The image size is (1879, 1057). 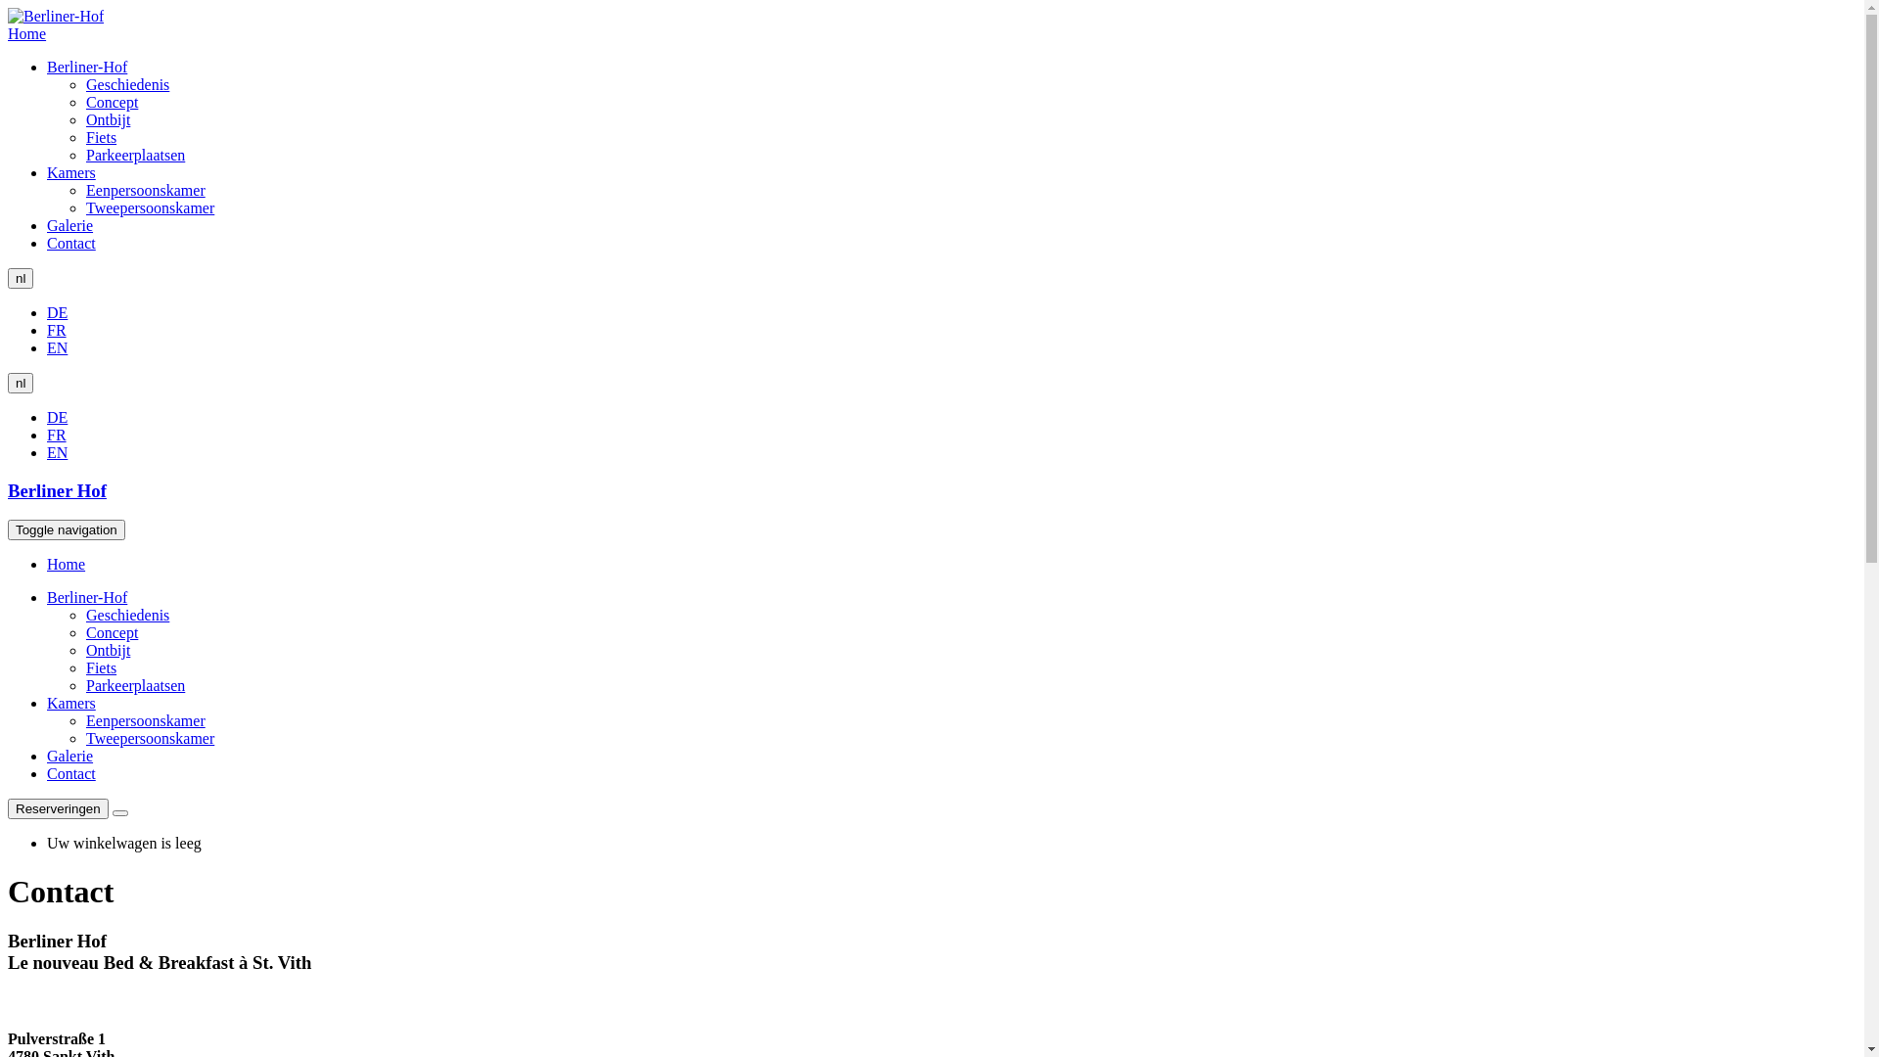 What do you see at coordinates (84, 684) in the screenshot?
I see `'Parkeerplaatsen'` at bounding box center [84, 684].